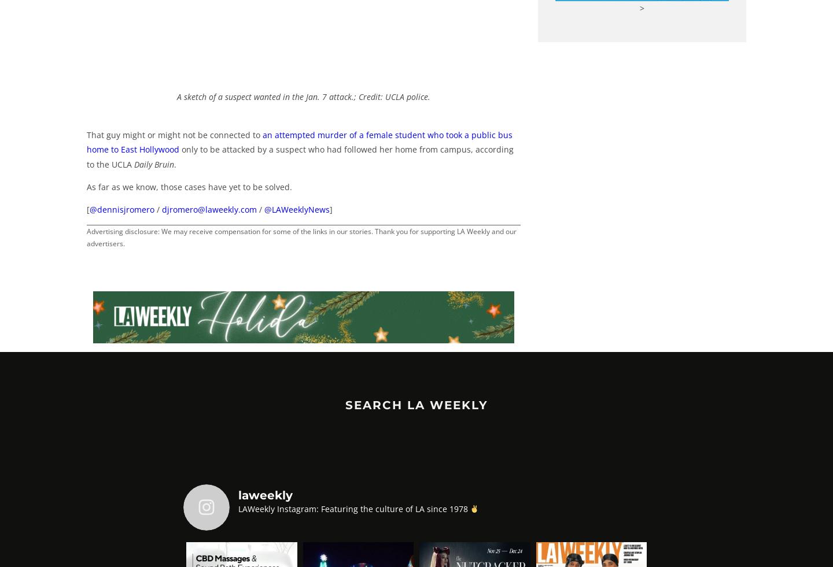 The width and height of the screenshot is (833, 567). Describe the element at coordinates (209, 209) in the screenshot. I see `'djromero@laweekly.com'` at that location.